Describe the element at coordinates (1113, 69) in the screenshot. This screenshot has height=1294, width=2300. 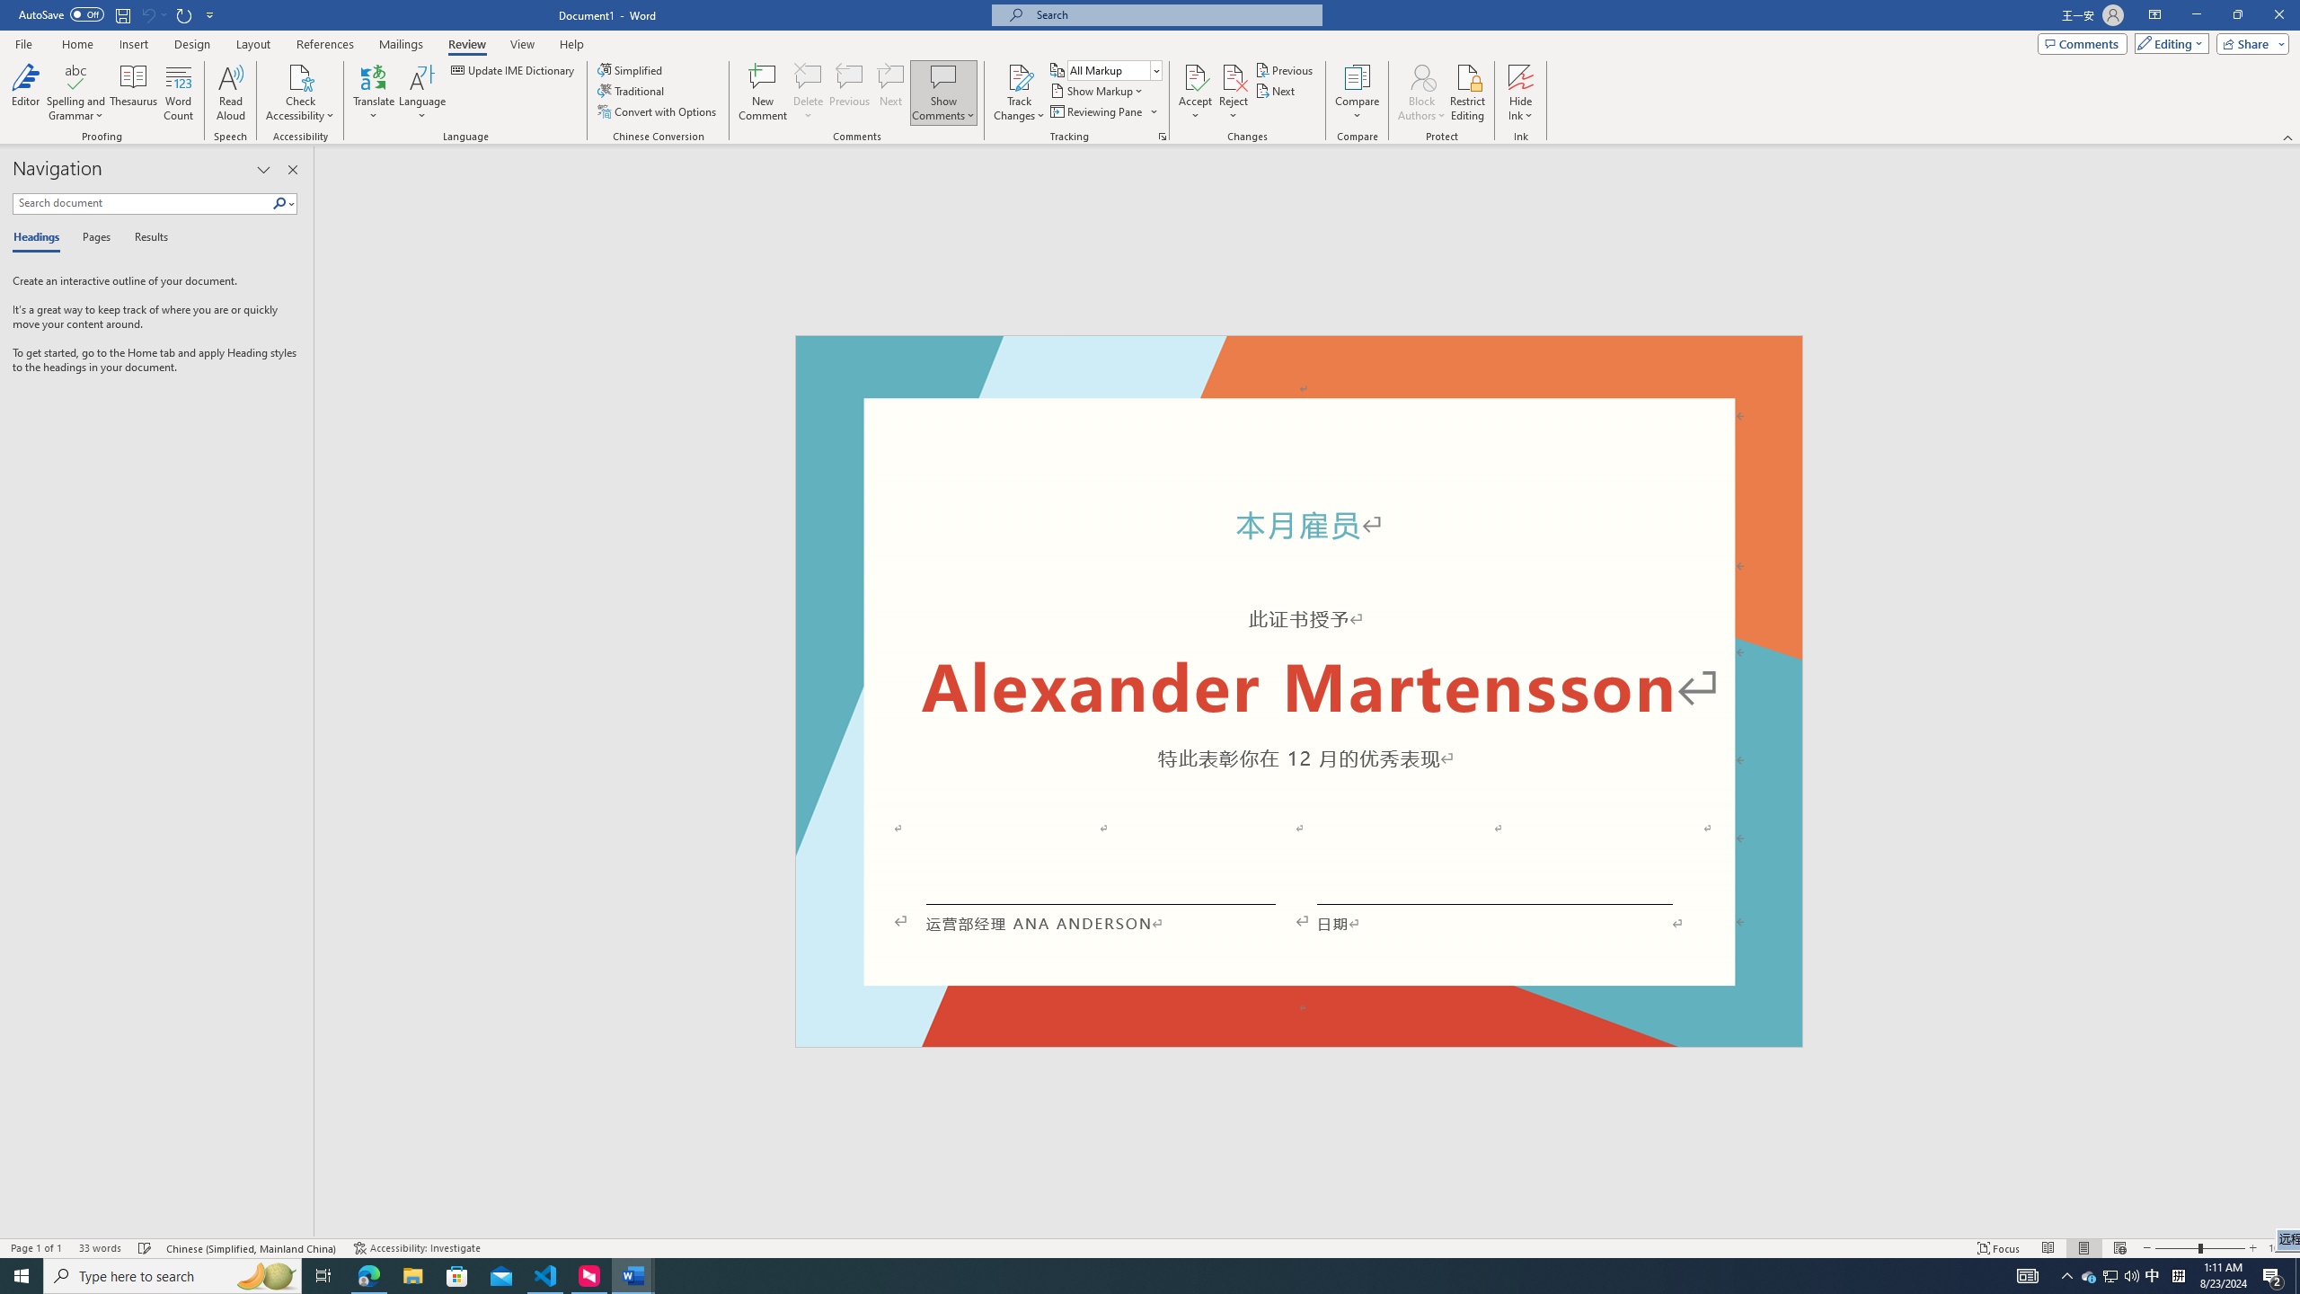
I see `'Display for Review'` at that location.